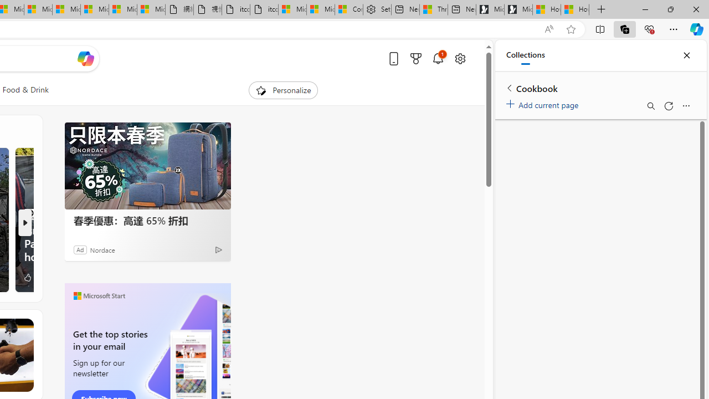  What do you see at coordinates (509, 88) in the screenshot?
I see `'Back to list of collections'` at bounding box center [509, 88].